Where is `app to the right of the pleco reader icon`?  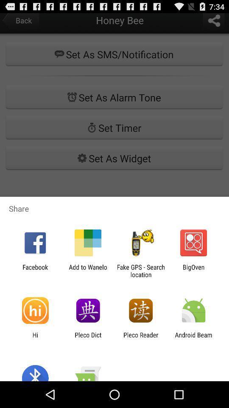 app to the right of the pleco reader icon is located at coordinates (193, 338).